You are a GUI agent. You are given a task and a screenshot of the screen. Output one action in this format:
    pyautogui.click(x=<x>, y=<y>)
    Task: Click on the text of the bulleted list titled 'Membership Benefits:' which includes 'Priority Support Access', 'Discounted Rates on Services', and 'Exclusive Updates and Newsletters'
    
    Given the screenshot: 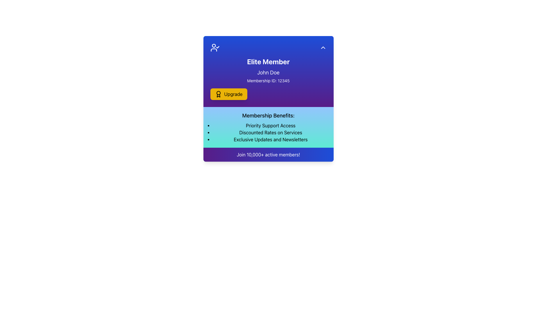 What is the action you would take?
    pyautogui.click(x=270, y=132)
    